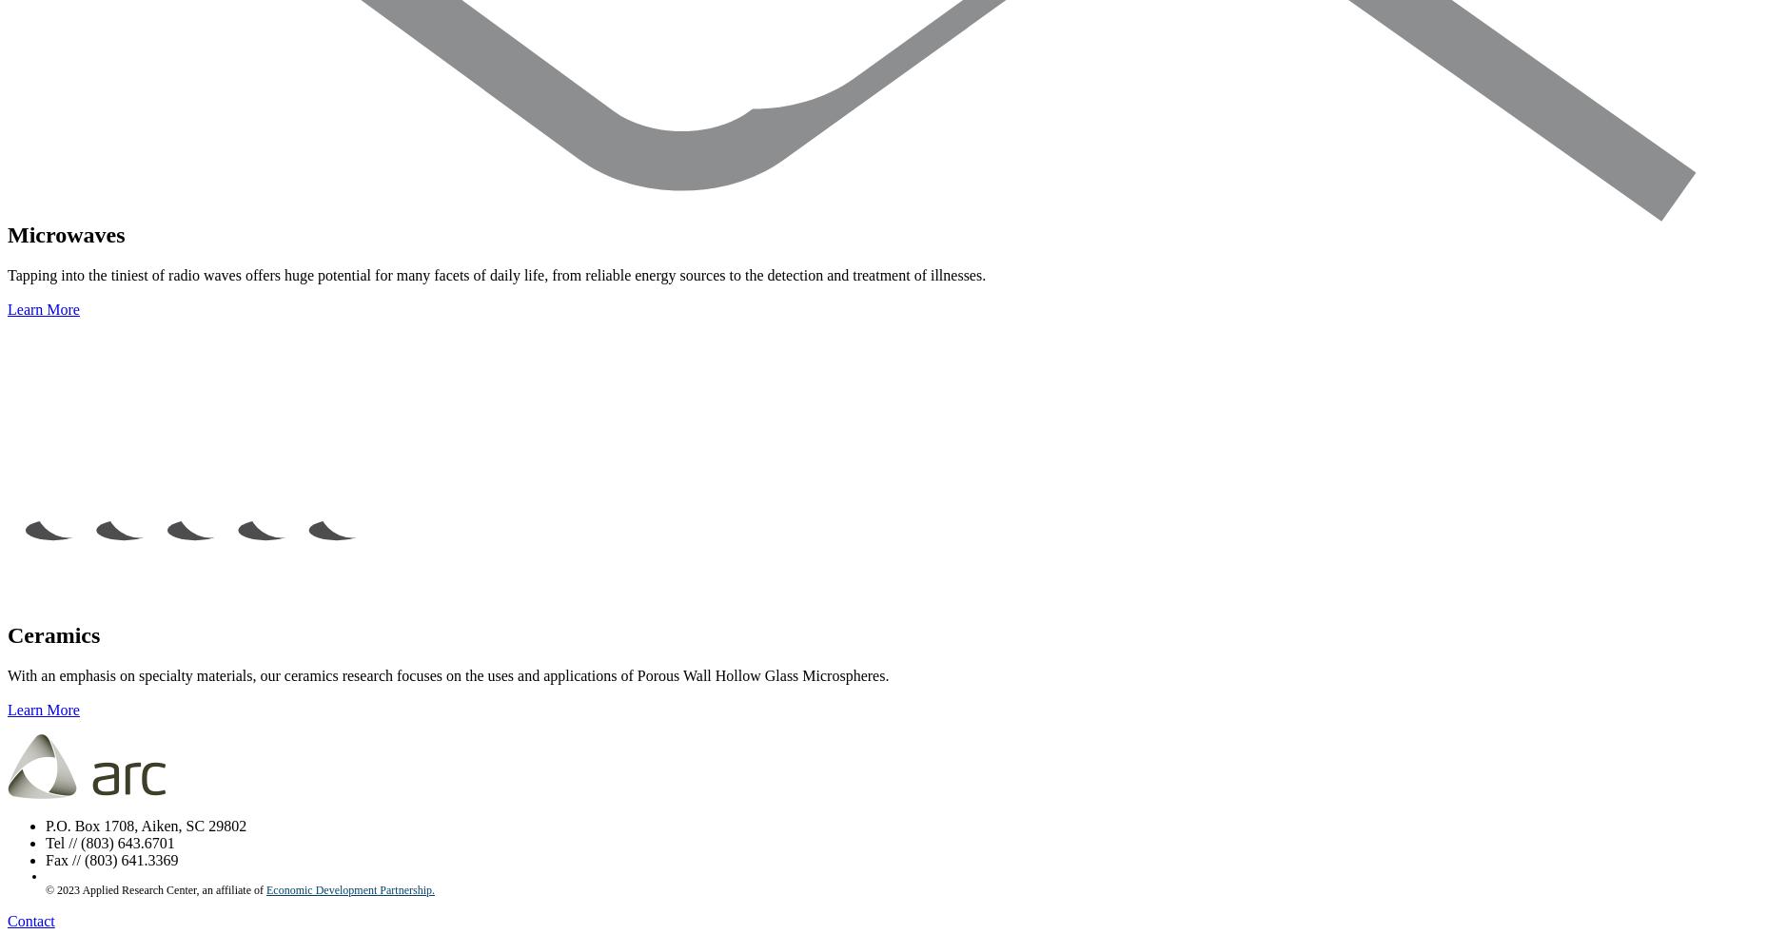 This screenshot has height=934, width=1767. What do you see at coordinates (446, 673) in the screenshot?
I see `'With an emphasis on specialty materials, our ceramics research focuses on the uses and applications of Porous Wall Hollow Glass Microspheres.'` at bounding box center [446, 673].